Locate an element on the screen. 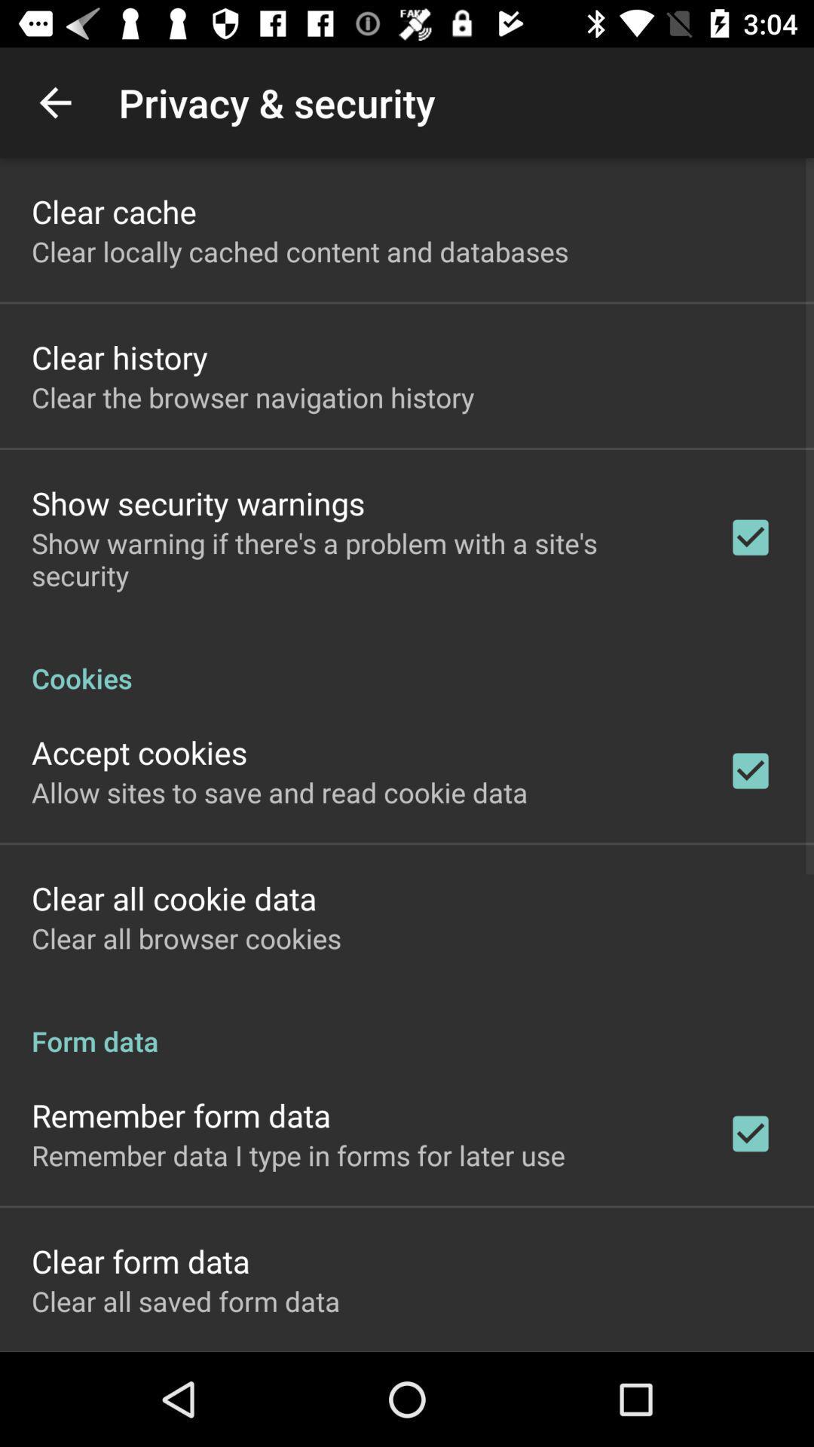 Image resolution: width=814 pixels, height=1447 pixels. item above clear cache icon is located at coordinates (54, 102).